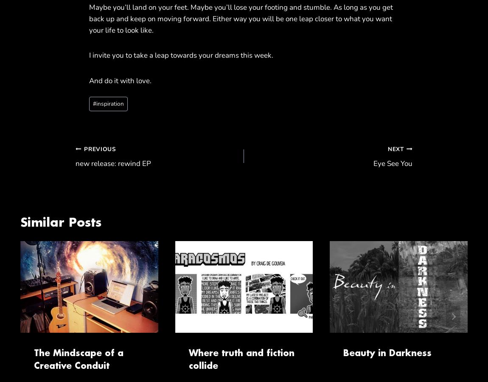  What do you see at coordinates (395, 149) in the screenshot?
I see `'Next'` at bounding box center [395, 149].